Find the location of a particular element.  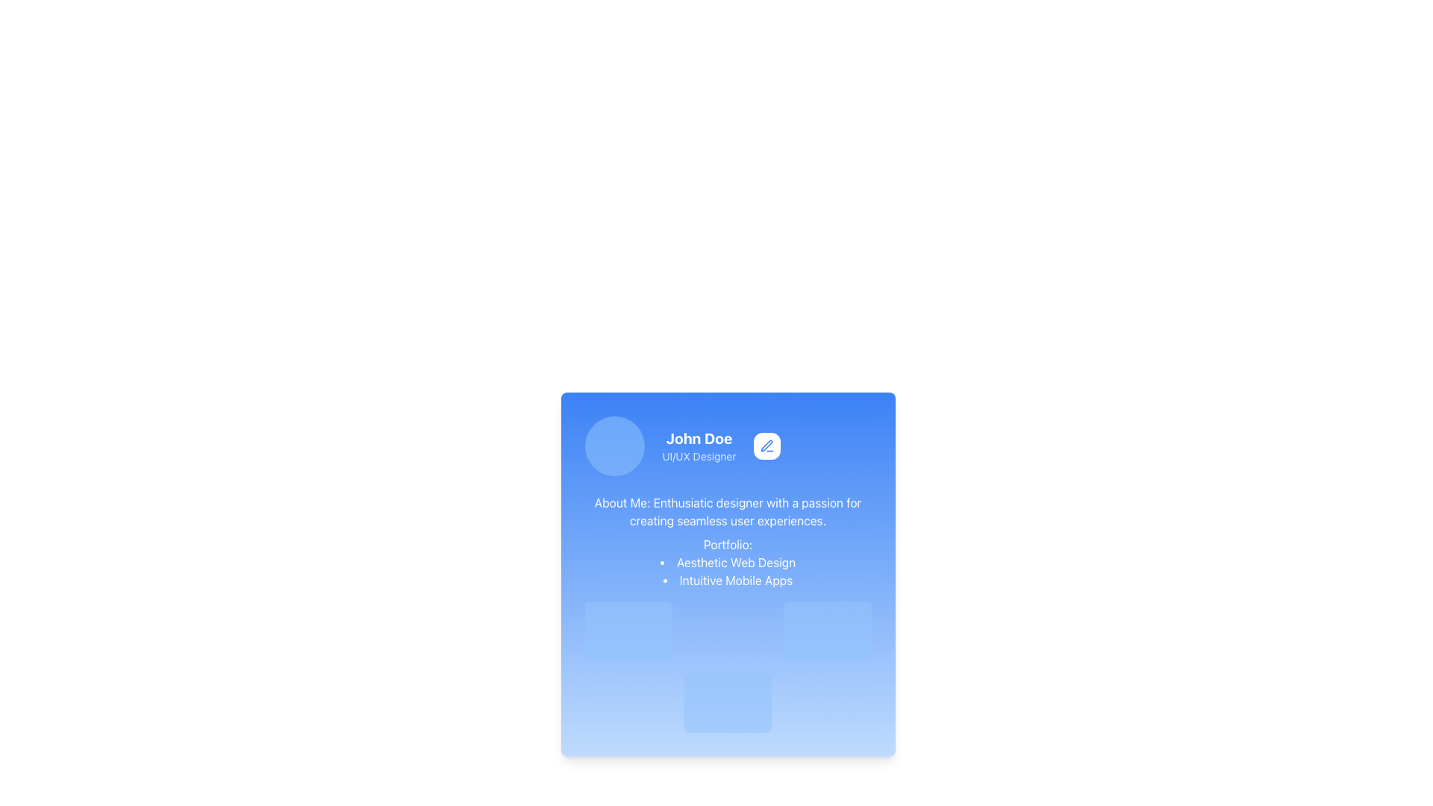

the text label indicating the role or title of the individual, located beneath the 'John Doe' text in the profile card interface is located at coordinates (698, 456).